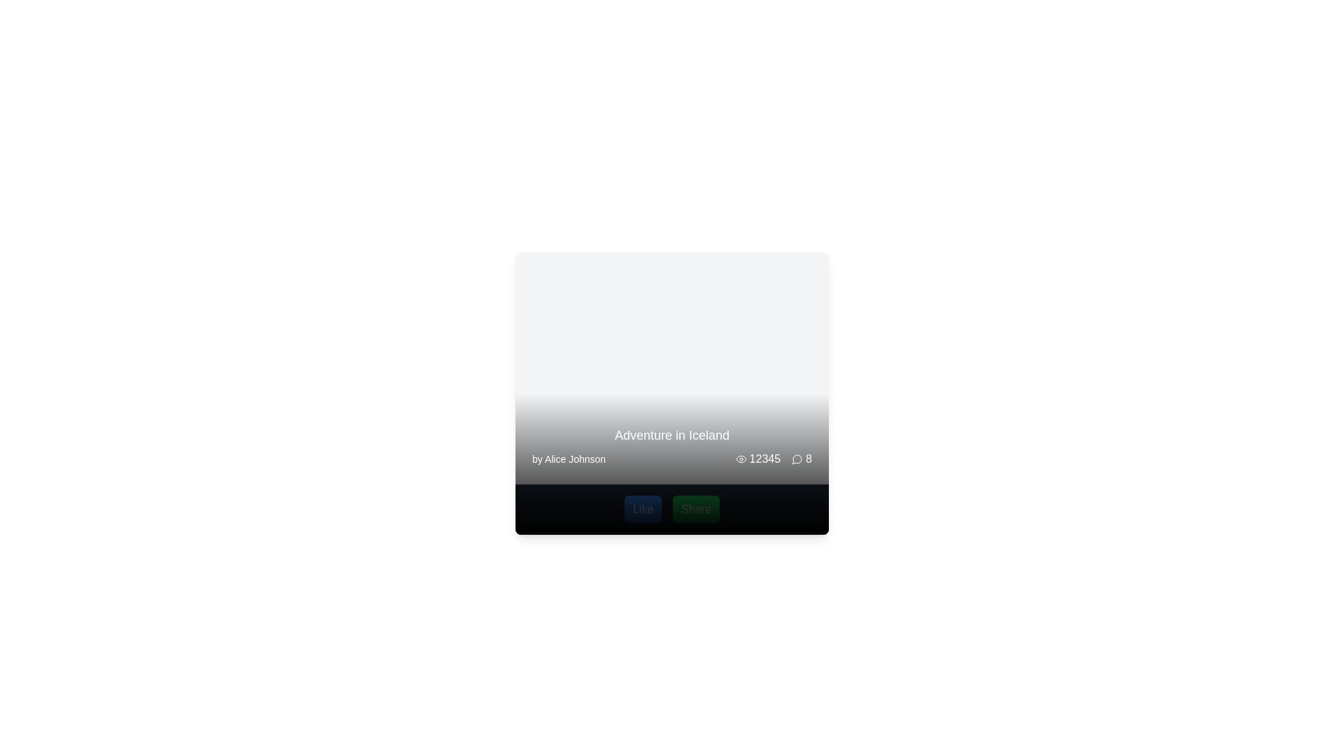 Image resolution: width=1343 pixels, height=755 pixels. Describe the element at coordinates (569, 459) in the screenshot. I see `the Static Label located at the bottom left of the card, which identifies the author or originator of the content` at that location.